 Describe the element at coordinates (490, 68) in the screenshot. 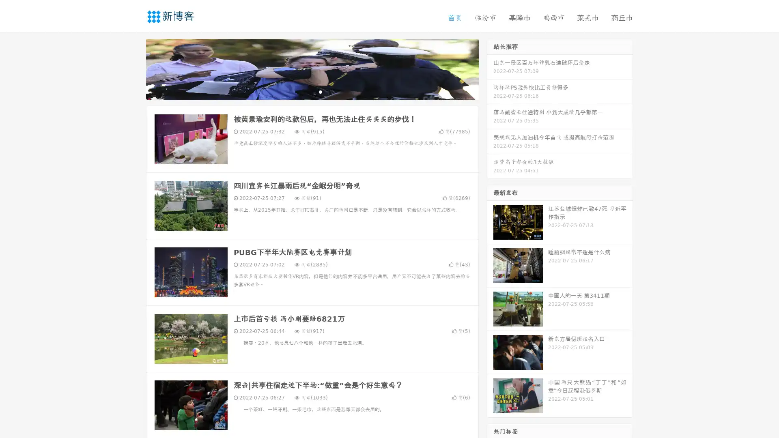

I see `Next slide` at that location.